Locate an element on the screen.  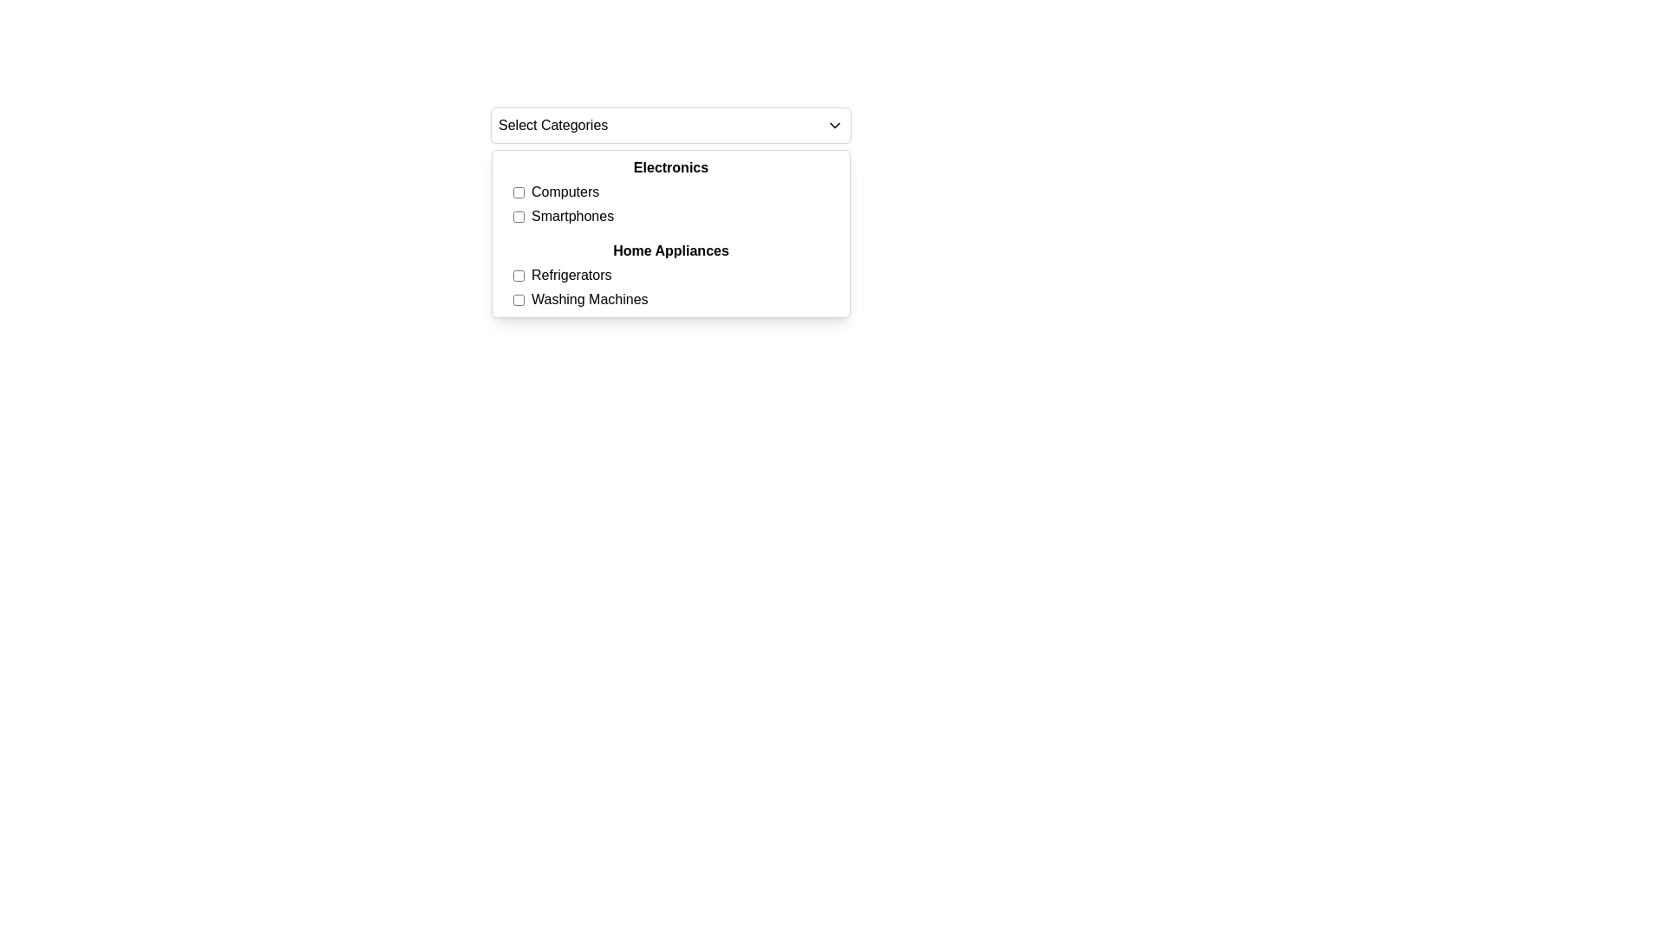
the square-shaped checkbox located to the far-left of the text label 'Computers' within the 'Electronics' category in the dropdown menu is located at coordinates (518, 192).